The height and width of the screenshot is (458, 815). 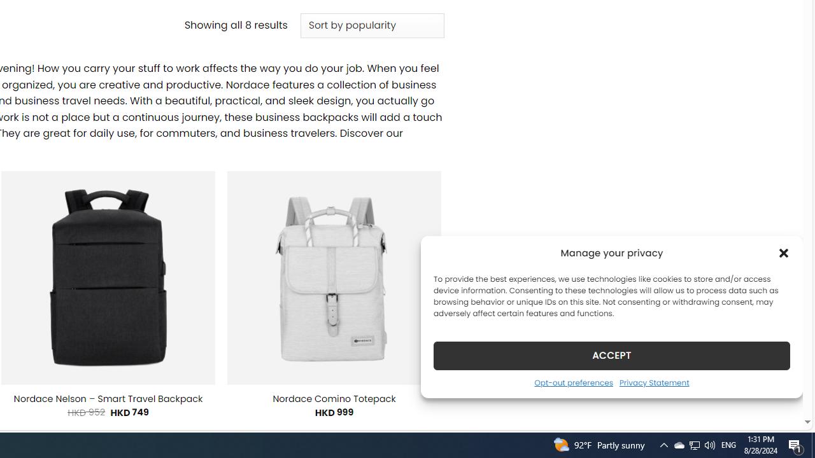 What do you see at coordinates (612, 355) in the screenshot?
I see `'ACCEPT'` at bounding box center [612, 355].